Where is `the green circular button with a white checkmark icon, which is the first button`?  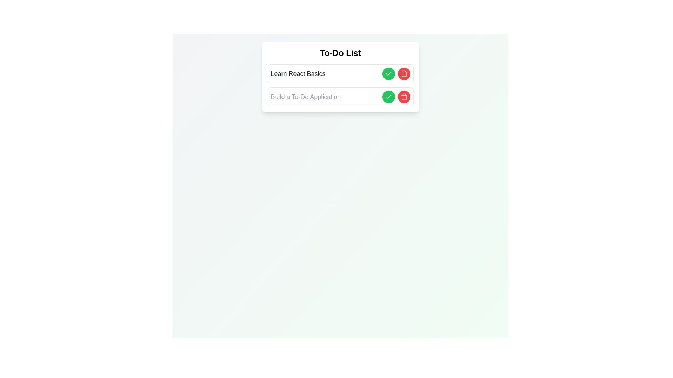 the green circular button with a white checkmark icon, which is the first button is located at coordinates (388, 74).